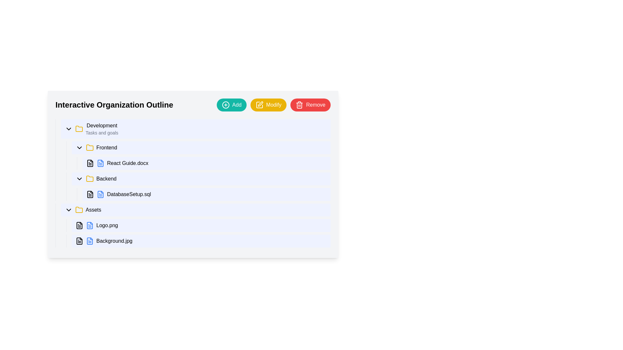  Describe the element at coordinates (90, 241) in the screenshot. I see `on the file entry icon for 'Background.jpg' located in the bottom section of the list under the 'Assets' category` at that location.